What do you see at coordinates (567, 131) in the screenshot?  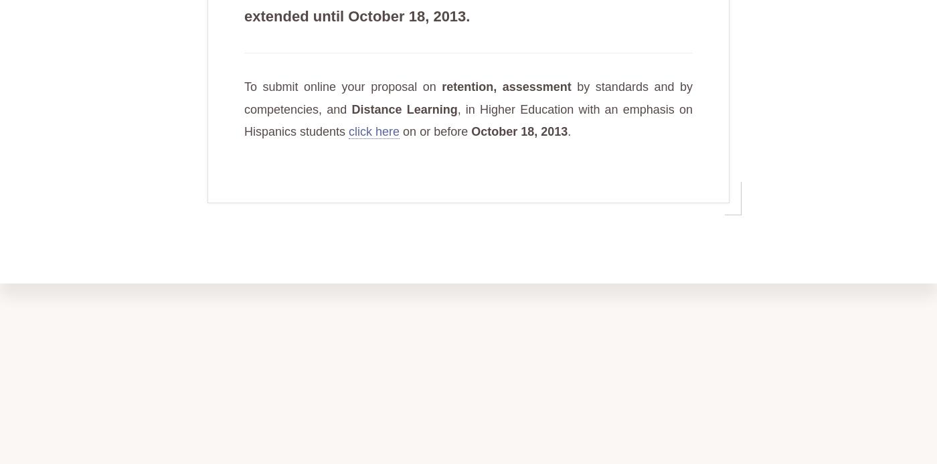 I see `'.'` at bounding box center [567, 131].